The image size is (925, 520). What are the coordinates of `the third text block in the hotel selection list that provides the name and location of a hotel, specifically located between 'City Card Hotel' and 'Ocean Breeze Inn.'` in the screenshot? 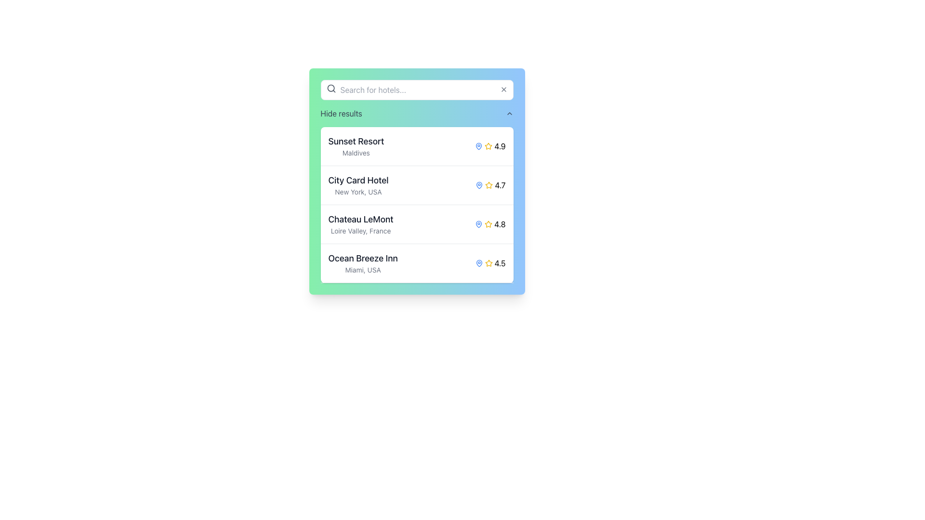 It's located at (360, 224).